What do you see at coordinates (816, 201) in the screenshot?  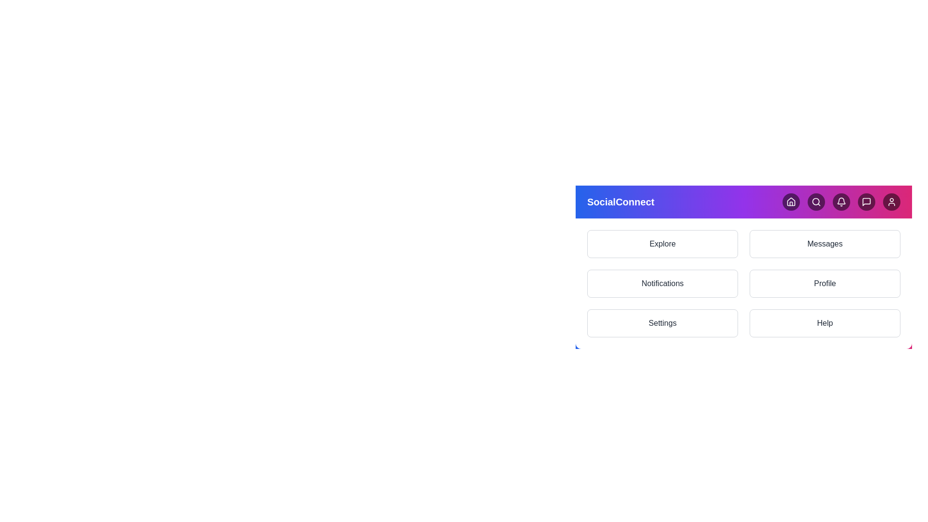 I see `the button with the icon Search to observe the hover effect` at bounding box center [816, 201].